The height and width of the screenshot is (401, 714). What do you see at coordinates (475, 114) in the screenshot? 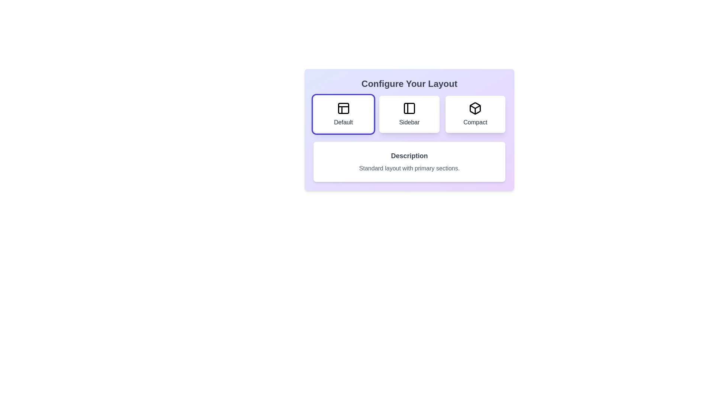
I see `the layout by clicking the button labeled Compact` at bounding box center [475, 114].